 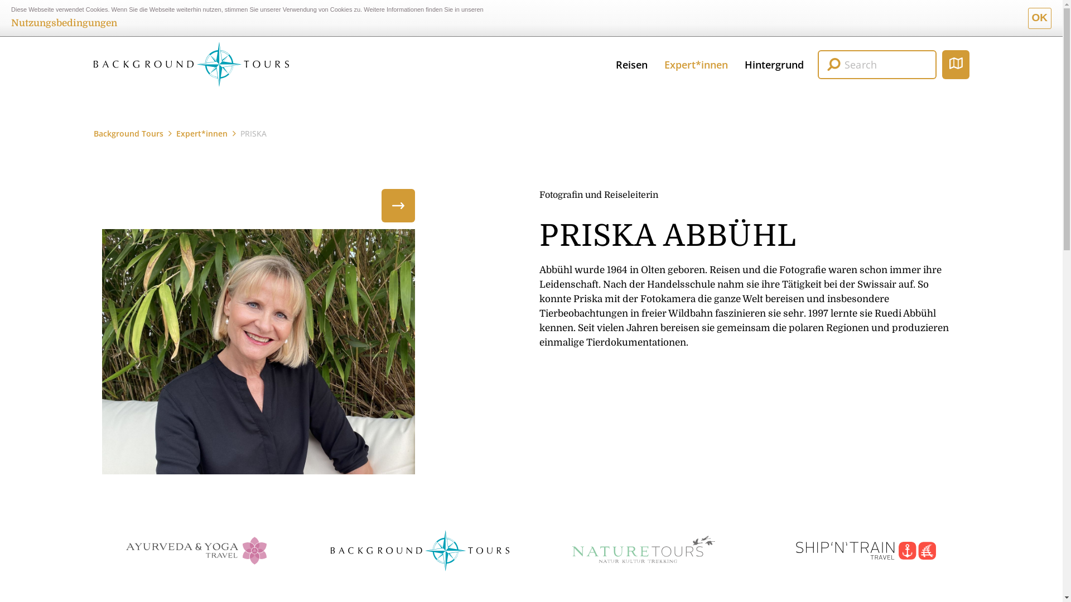 I want to click on 'Ship'N'Train Logo', so click(x=865, y=550).